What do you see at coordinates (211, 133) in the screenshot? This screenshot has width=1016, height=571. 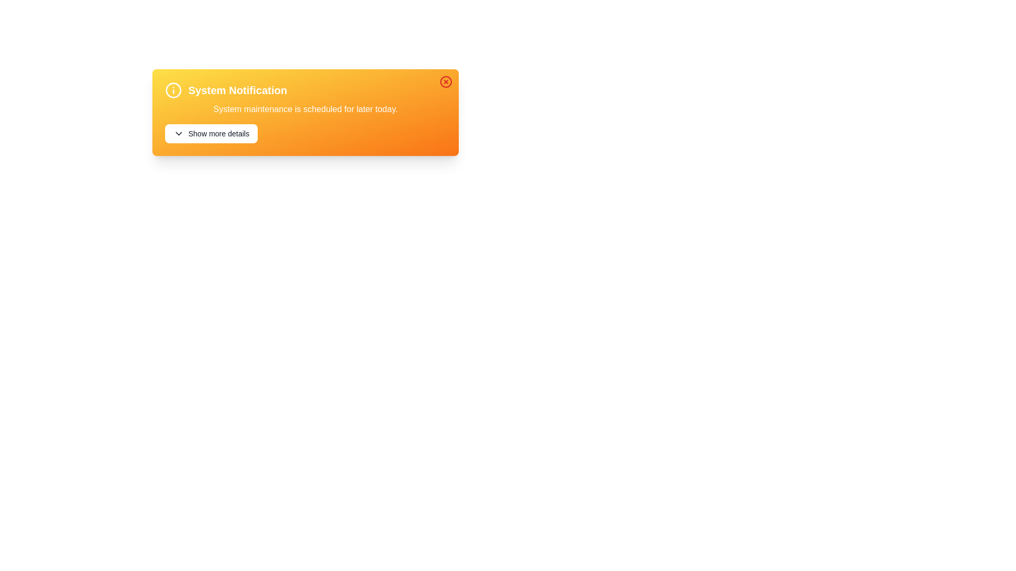 I see `the 'Show more details' button to toggle the visibility of additional details` at bounding box center [211, 133].